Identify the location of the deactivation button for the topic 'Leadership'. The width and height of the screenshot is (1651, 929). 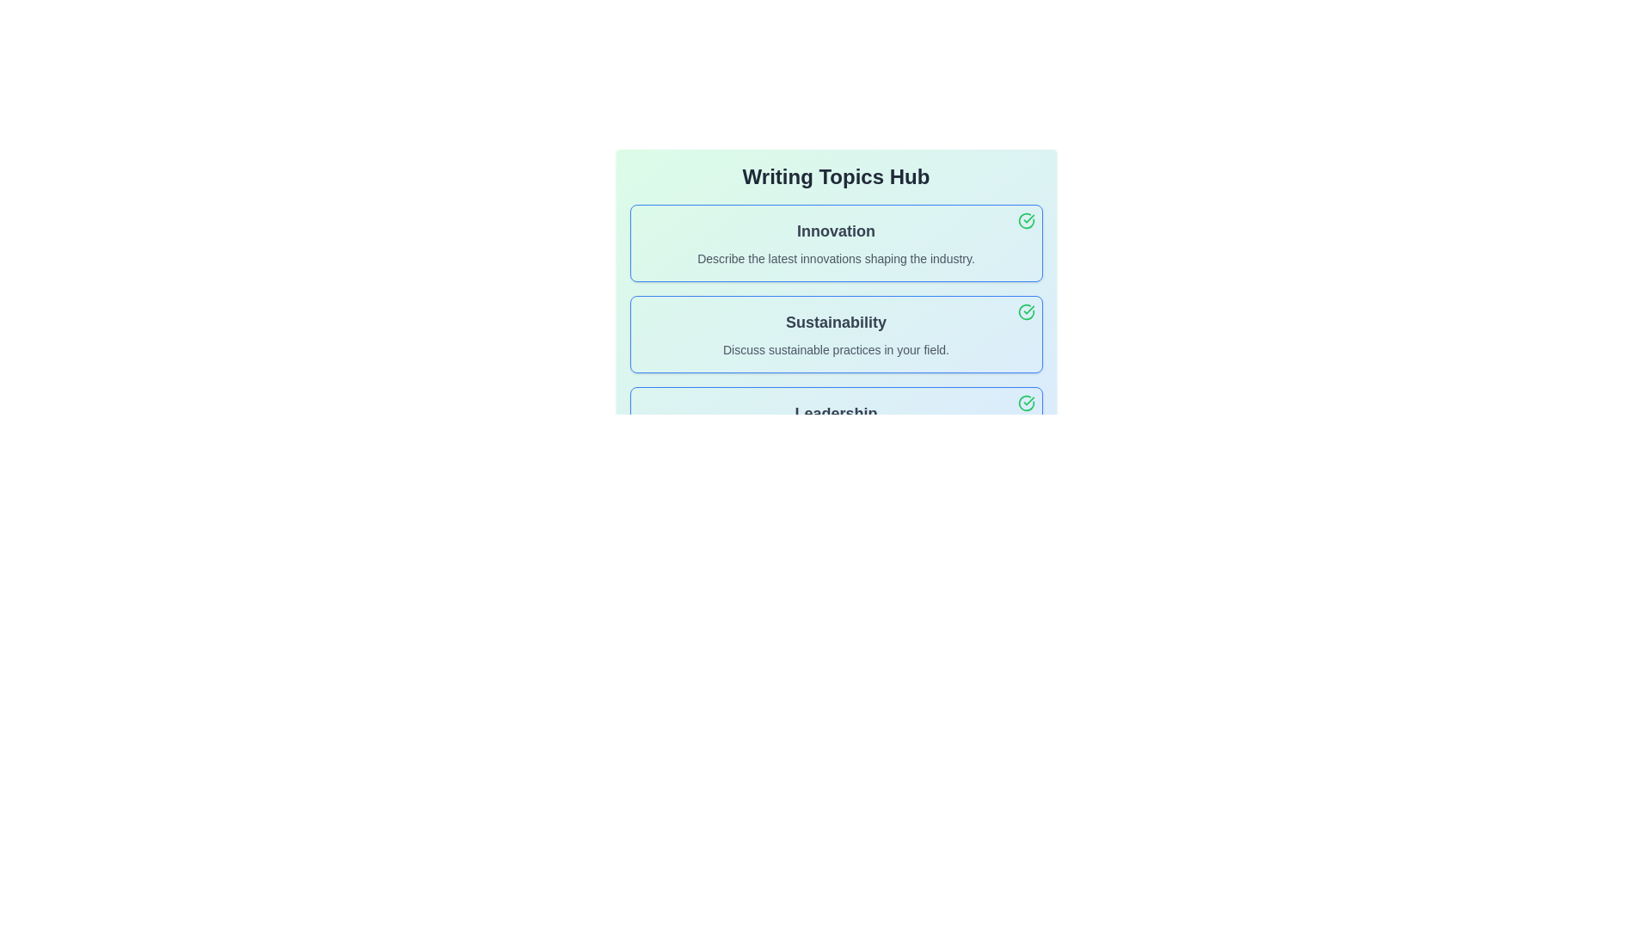
(1026, 403).